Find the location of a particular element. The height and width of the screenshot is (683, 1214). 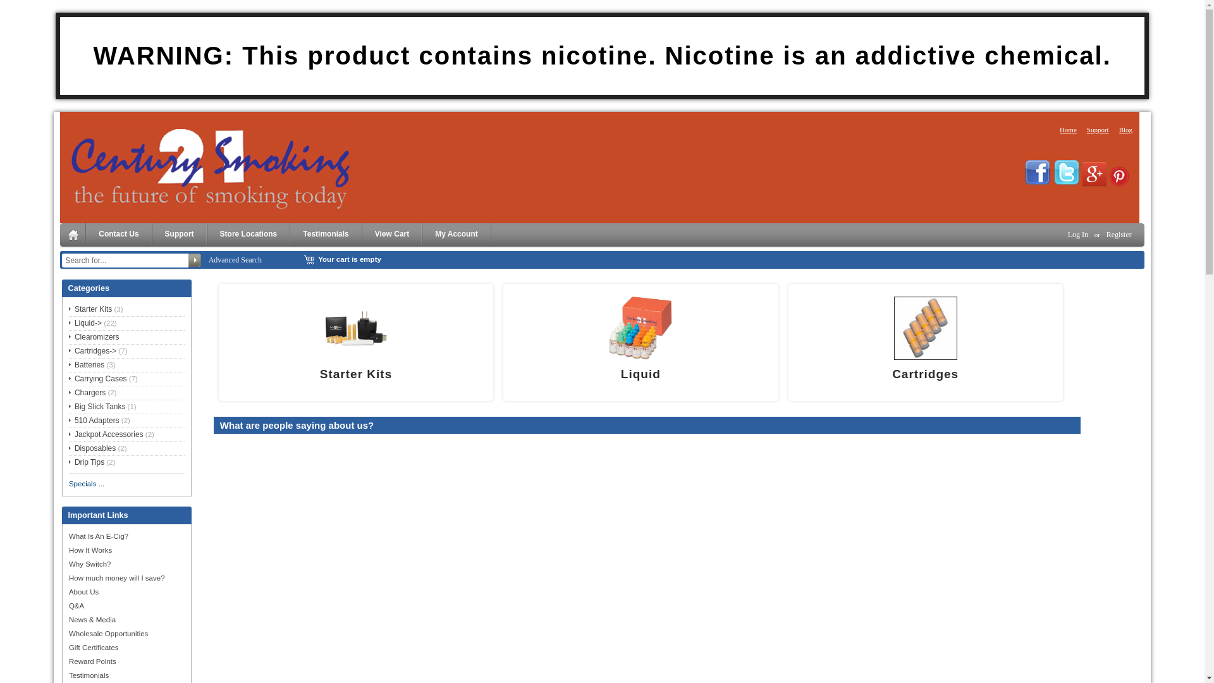

'Support' is located at coordinates (1086, 129).